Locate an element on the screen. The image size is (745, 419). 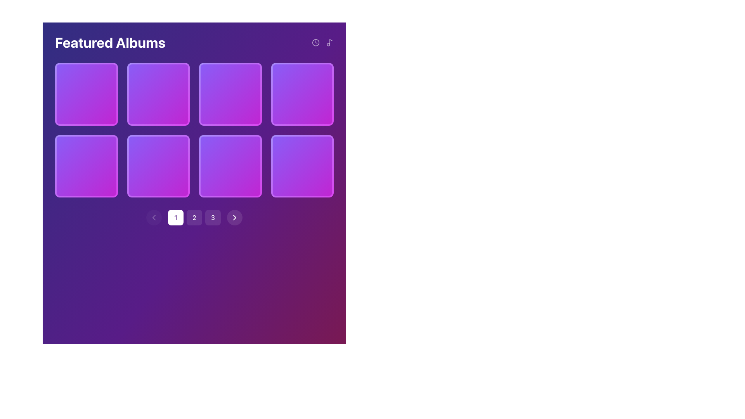
the 'Album 8' card in the grid layout is located at coordinates (302, 166).